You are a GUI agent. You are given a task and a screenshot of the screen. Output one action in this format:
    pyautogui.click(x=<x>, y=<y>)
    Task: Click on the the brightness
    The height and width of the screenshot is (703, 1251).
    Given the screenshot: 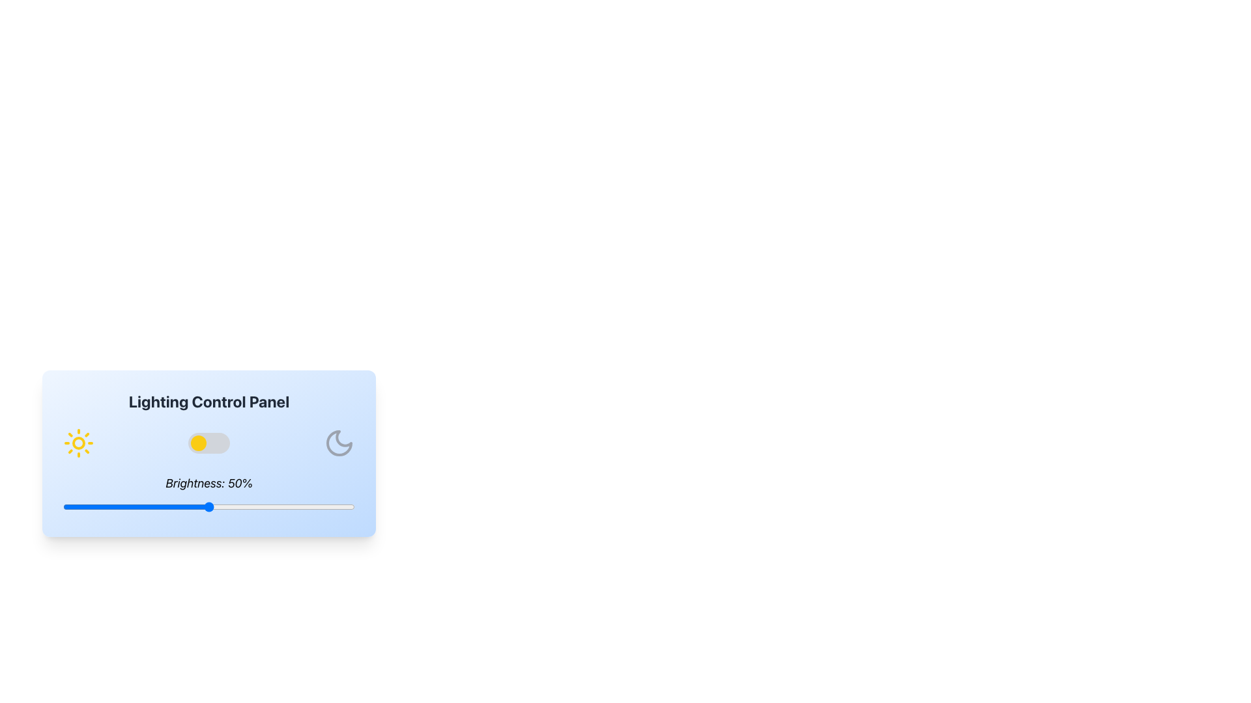 What is the action you would take?
    pyautogui.click(x=296, y=506)
    